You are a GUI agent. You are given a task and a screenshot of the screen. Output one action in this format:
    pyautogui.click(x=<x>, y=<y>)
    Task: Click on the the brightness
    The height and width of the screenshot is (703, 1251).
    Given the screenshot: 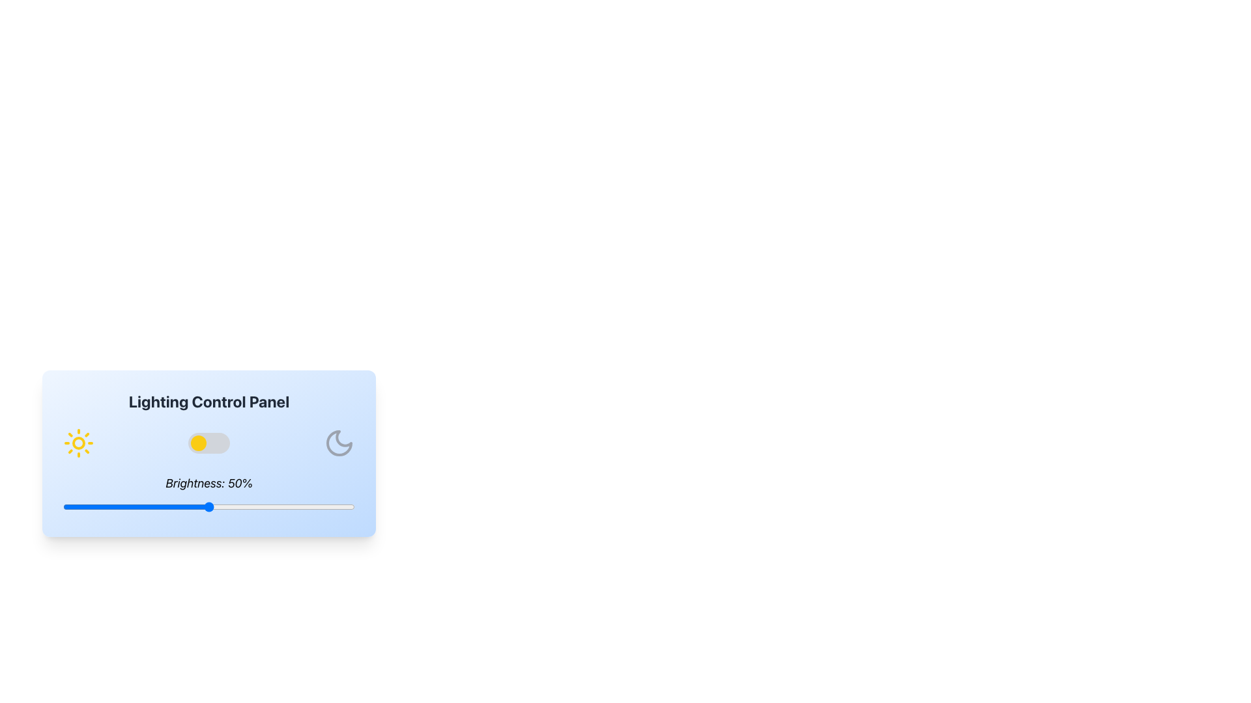 What is the action you would take?
    pyautogui.click(x=296, y=506)
    